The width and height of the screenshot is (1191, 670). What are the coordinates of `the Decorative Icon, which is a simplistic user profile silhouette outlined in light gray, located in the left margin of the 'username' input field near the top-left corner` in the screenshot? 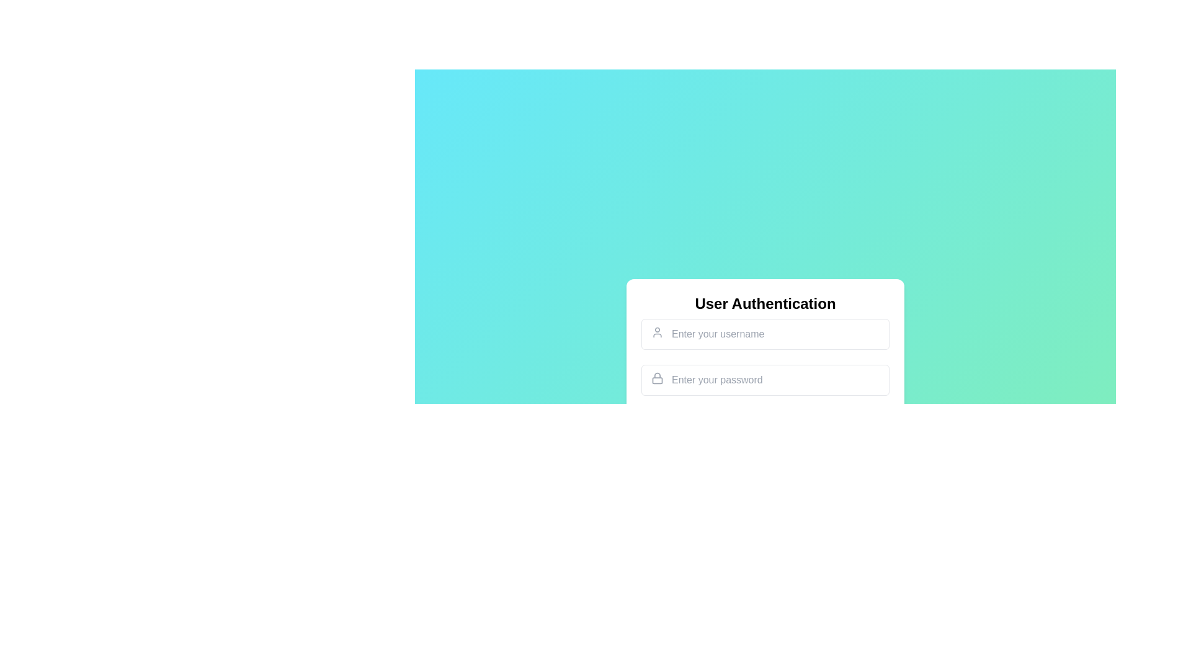 It's located at (657, 331).